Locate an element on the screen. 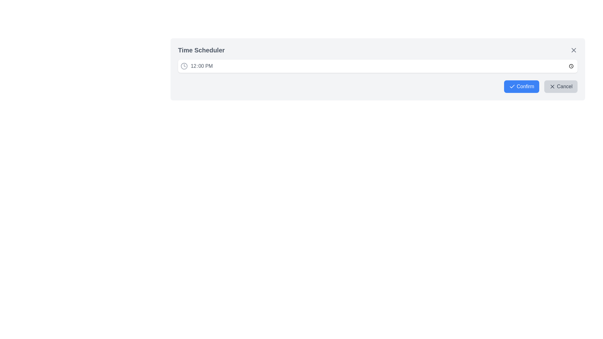  the white checkmark icon located inside the blue 'Confirm' button, positioned towards the bottom-right section of the interface is located at coordinates (512, 87).